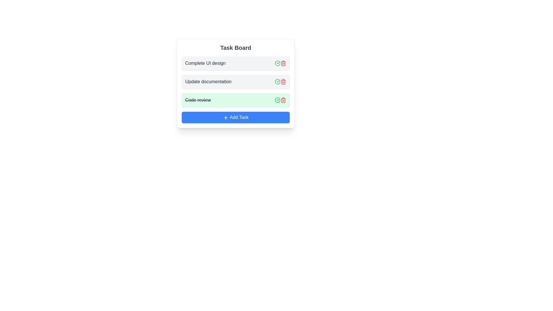 The image size is (553, 311). Describe the element at coordinates (283, 82) in the screenshot. I see `the red trash bin icon button located at the far-right of the 'Update documentation' task in the 'Task Board' interface` at that location.